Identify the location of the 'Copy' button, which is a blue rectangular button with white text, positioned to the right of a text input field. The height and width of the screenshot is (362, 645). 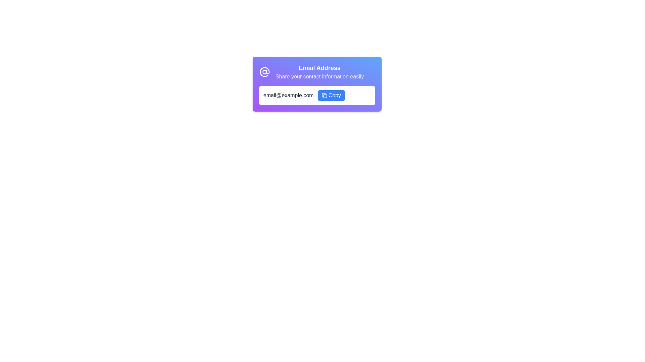
(335, 96).